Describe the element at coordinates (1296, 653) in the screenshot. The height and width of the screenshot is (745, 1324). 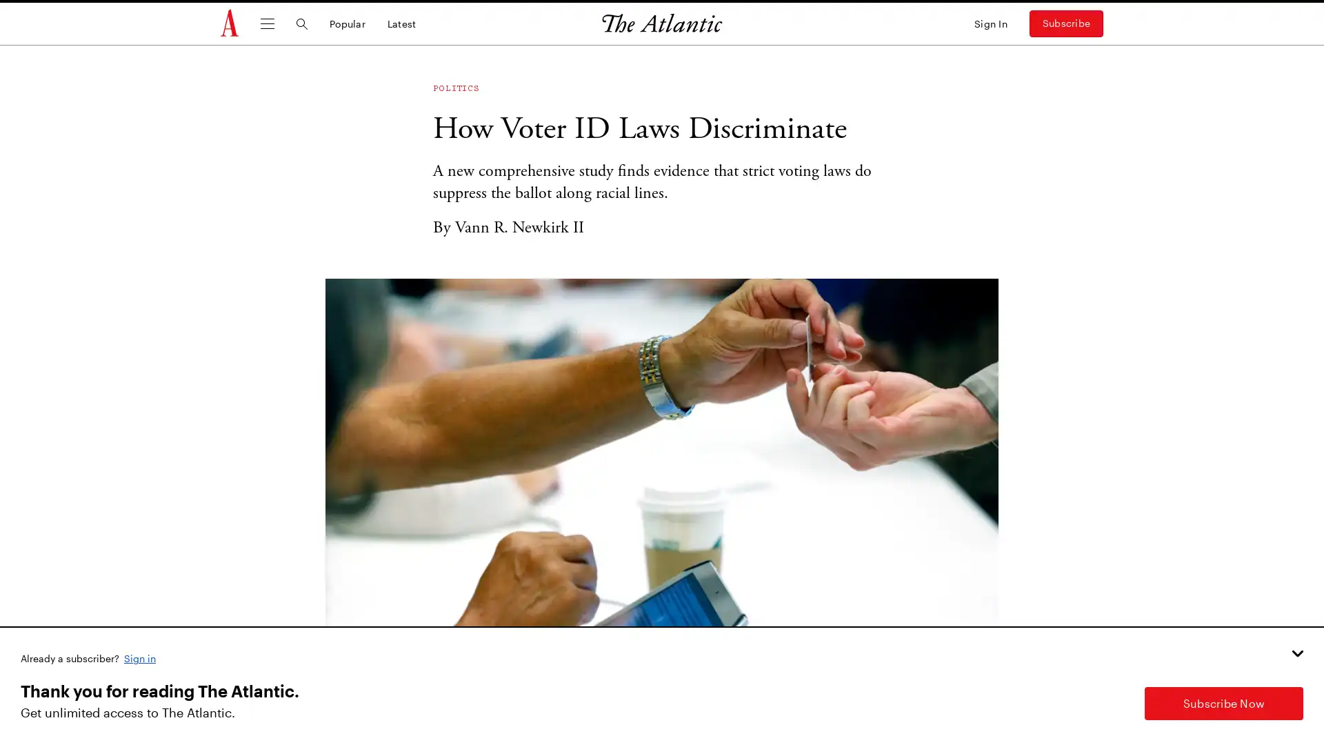
I see `Hide subscription information` at that location.